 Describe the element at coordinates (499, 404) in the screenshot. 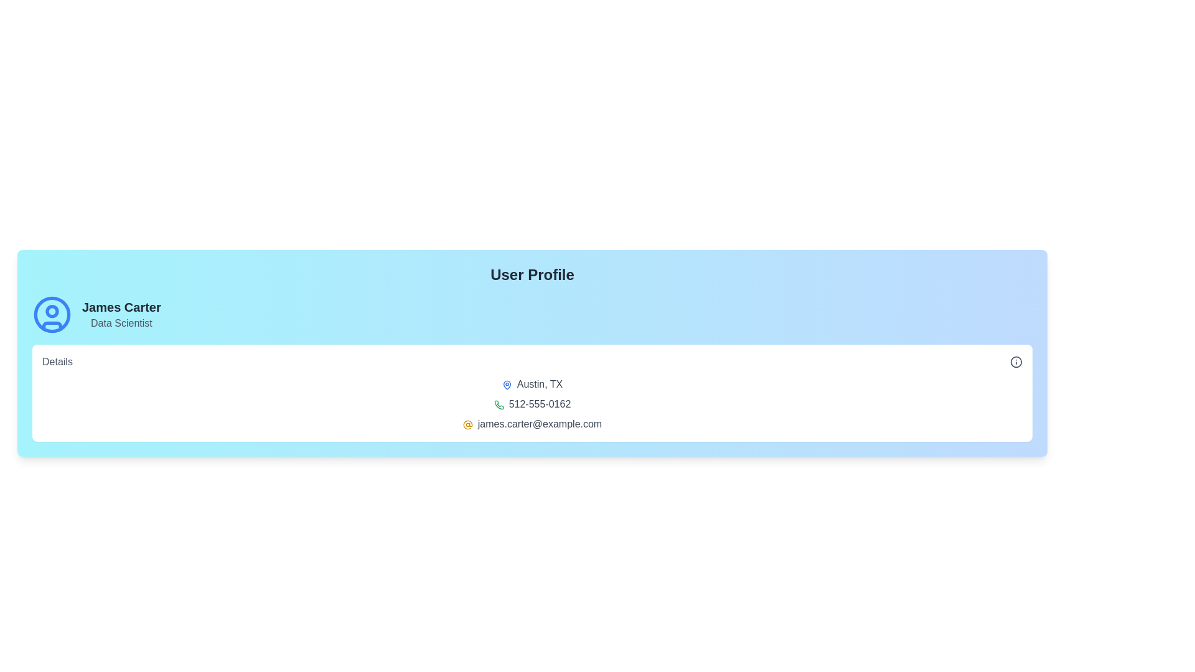

I see `the phone icon with a green outline, which is situated before the phone number '512-555-0162'` at that location.